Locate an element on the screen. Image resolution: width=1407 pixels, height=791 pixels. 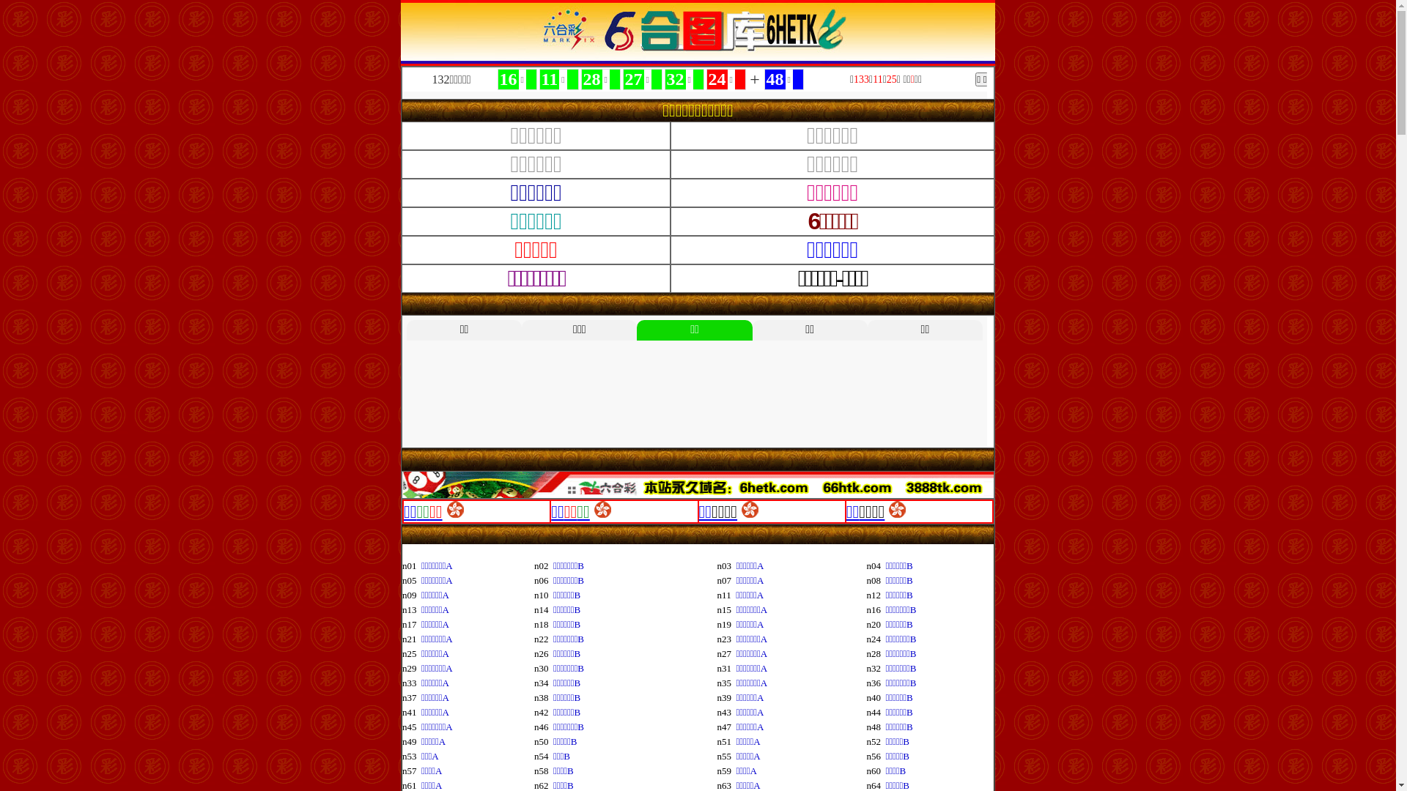
'n39 ' is located at coordinates (717, 697).